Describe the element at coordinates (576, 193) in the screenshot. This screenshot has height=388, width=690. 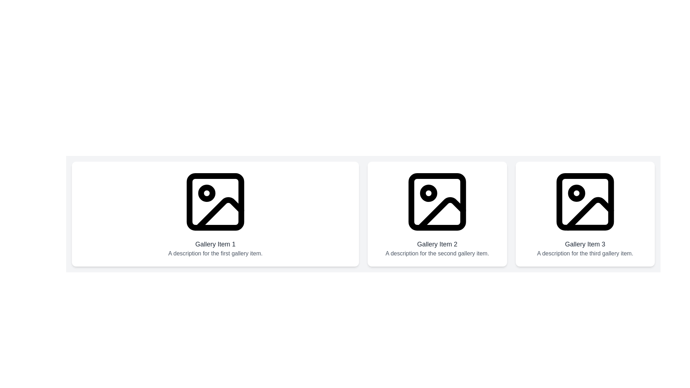
I see `the decorative circle shape within the image icon of the third gallery item, located in the top-left corner near a diagonal line` at that location.